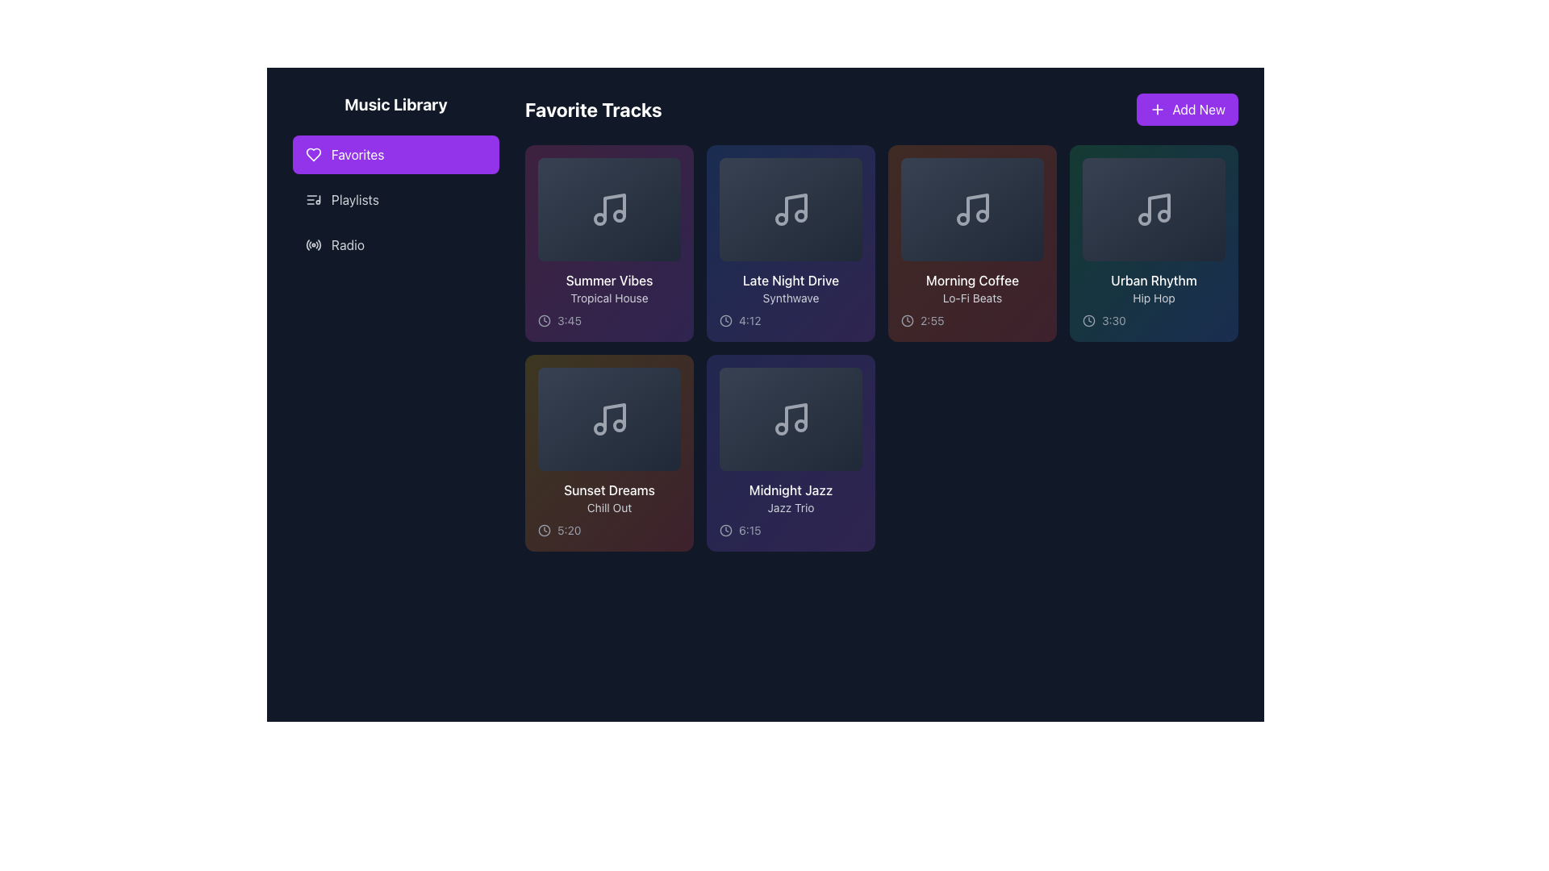 The image size is (1549, 871). I want to click on the 'Add New' button, which is a rectangular button with a purple background and bold white text, so click(1188, 109).